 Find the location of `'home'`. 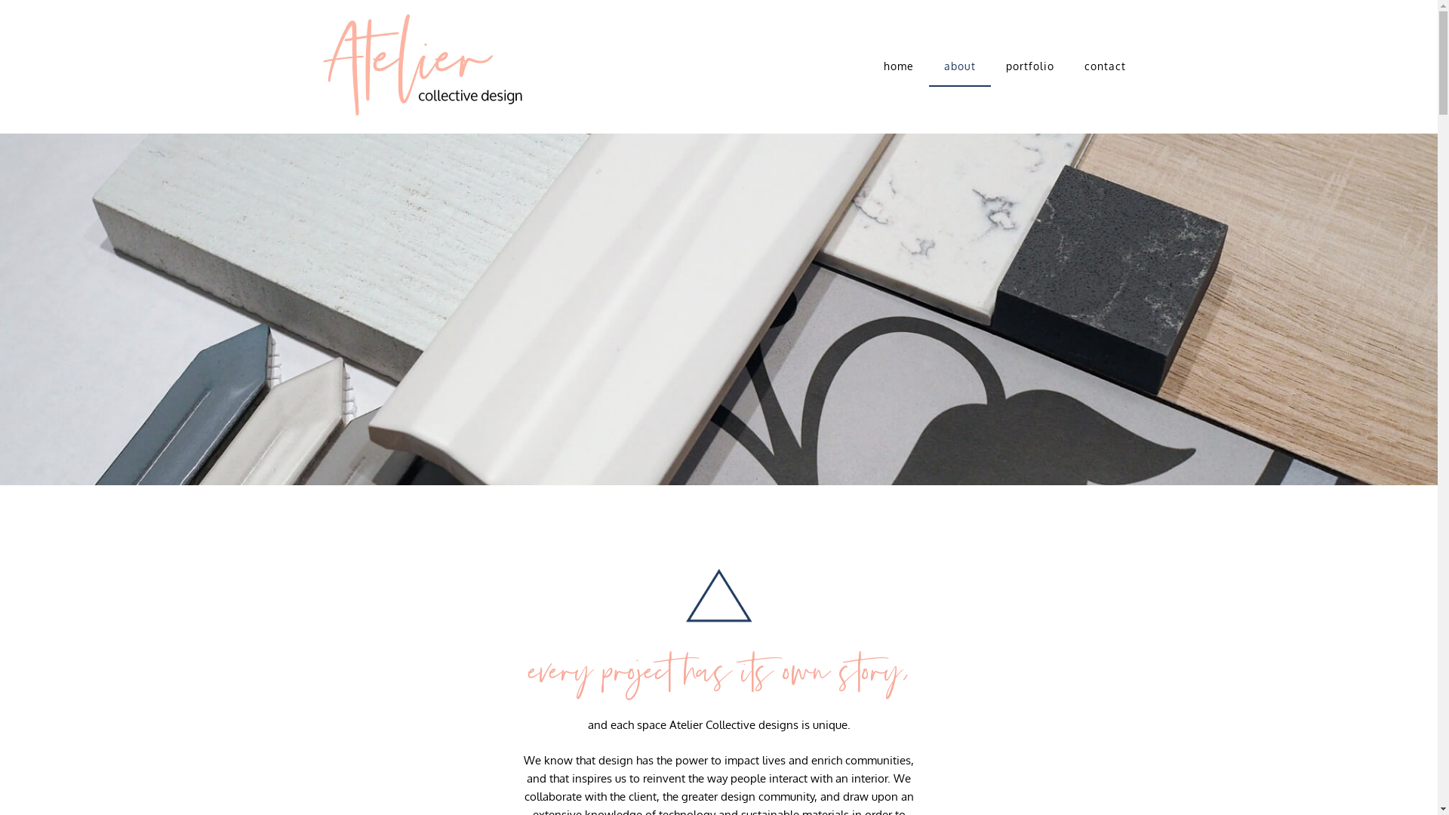

'home' is located at coordinates (898, 66).